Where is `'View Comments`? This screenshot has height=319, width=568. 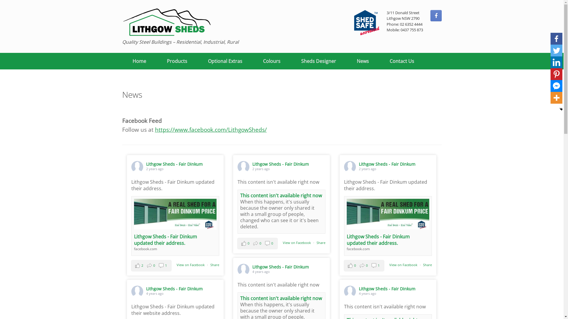 'View Comments is located at coordinates (257, 243).